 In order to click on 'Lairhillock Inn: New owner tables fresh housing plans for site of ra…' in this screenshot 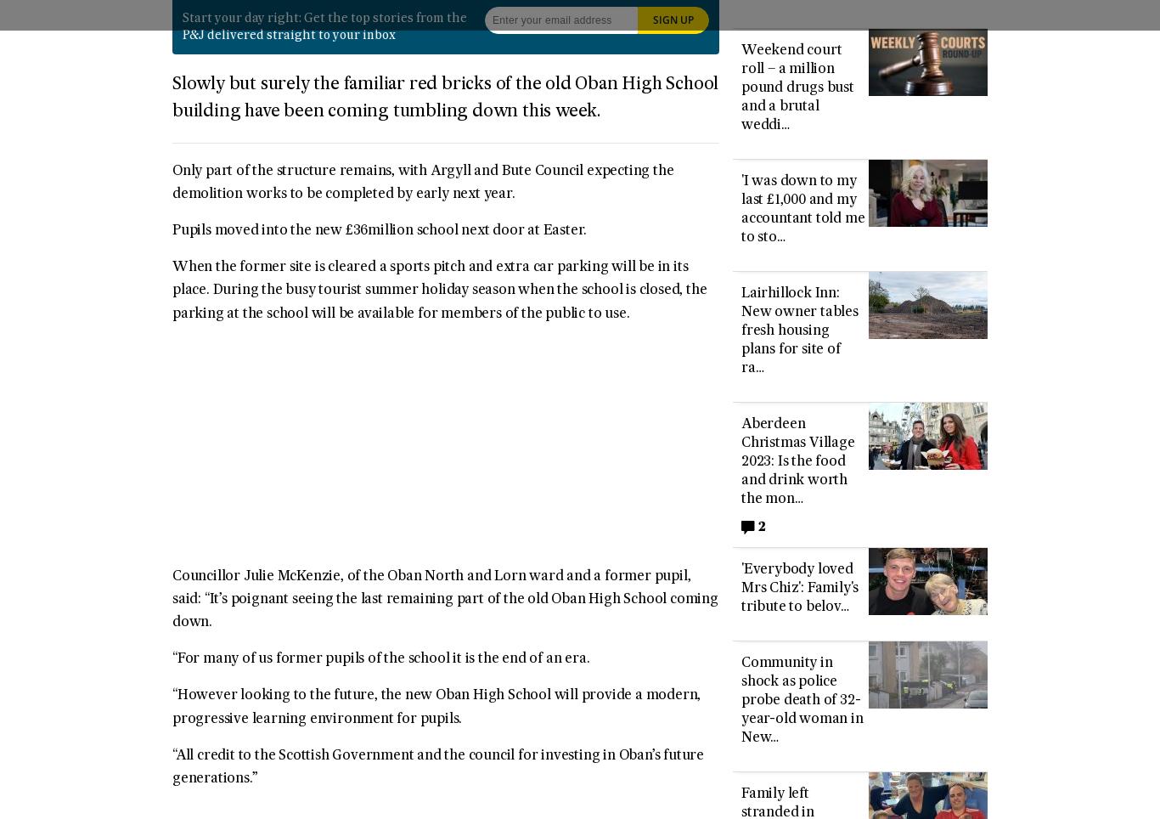, I will do `click(799, 331)`.